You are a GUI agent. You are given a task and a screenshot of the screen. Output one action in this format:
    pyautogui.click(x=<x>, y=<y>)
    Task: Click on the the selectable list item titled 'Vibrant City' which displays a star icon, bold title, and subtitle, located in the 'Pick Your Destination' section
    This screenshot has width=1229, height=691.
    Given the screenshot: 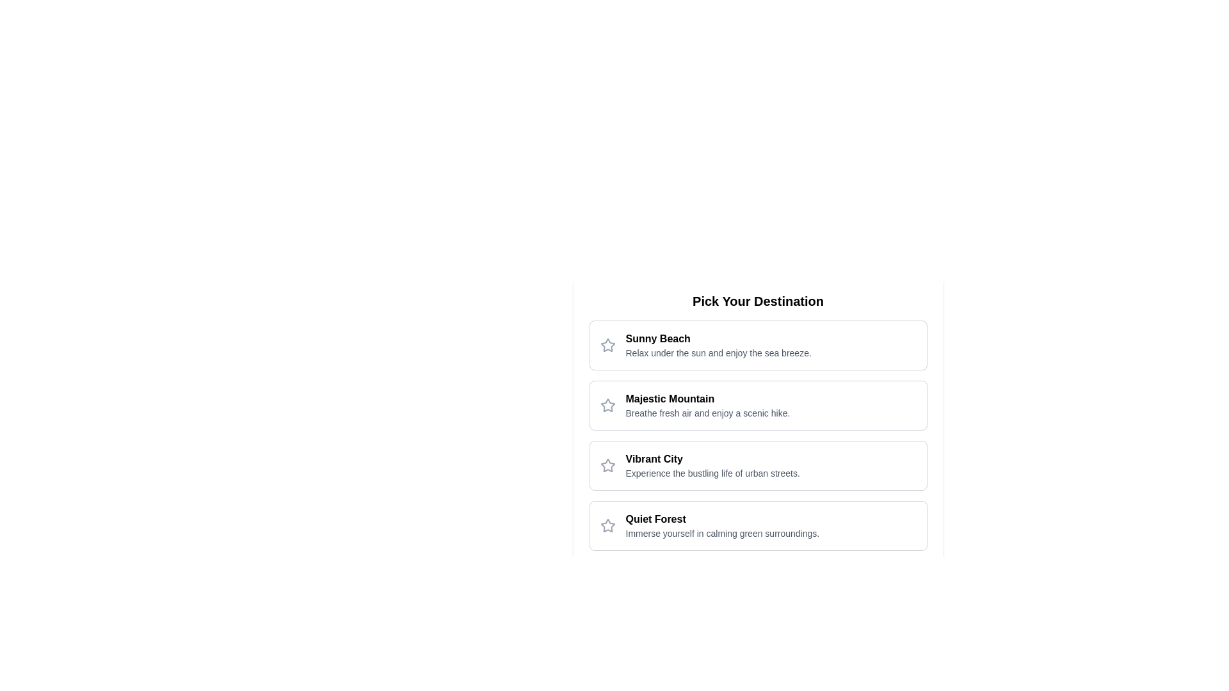 What is the action you would take?
    pyautogui.click(x=758, y=466)
    